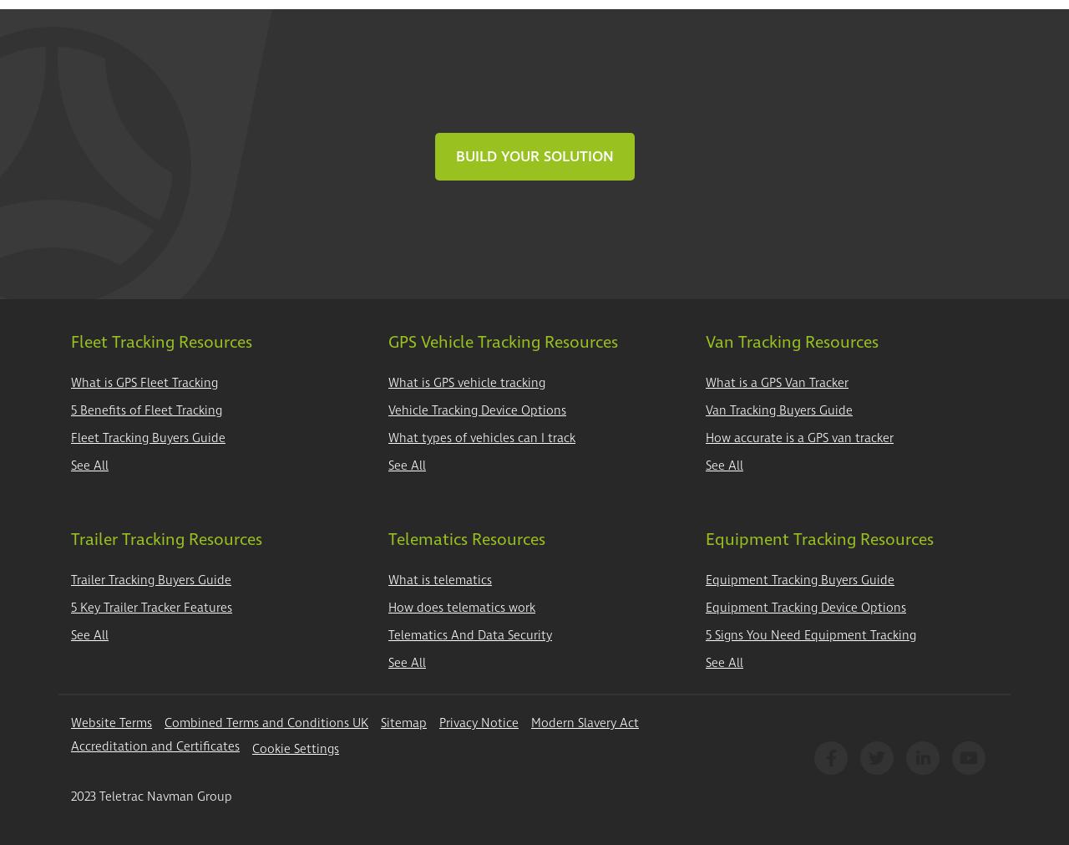 The width and height of the screenshot is (1069, 845). I want to click on 'What is GPS vehicle tracking', so click(466, 382).